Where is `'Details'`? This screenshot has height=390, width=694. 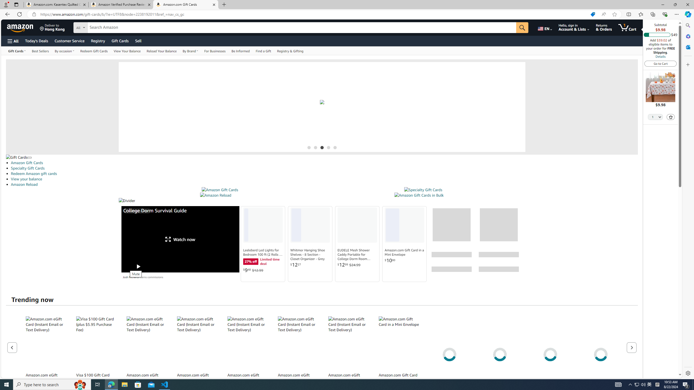 'Details' is located at coordinates (660, 56).